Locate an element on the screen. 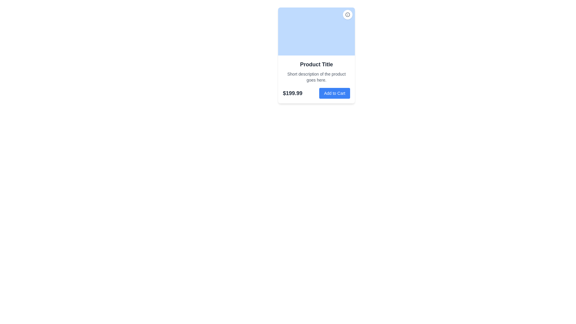  the text label that reads 'Short description of the product goes here.' which is rendered in a small gray font and is located below the 'Product Title' within the product card is located at coordinates (316, 77).